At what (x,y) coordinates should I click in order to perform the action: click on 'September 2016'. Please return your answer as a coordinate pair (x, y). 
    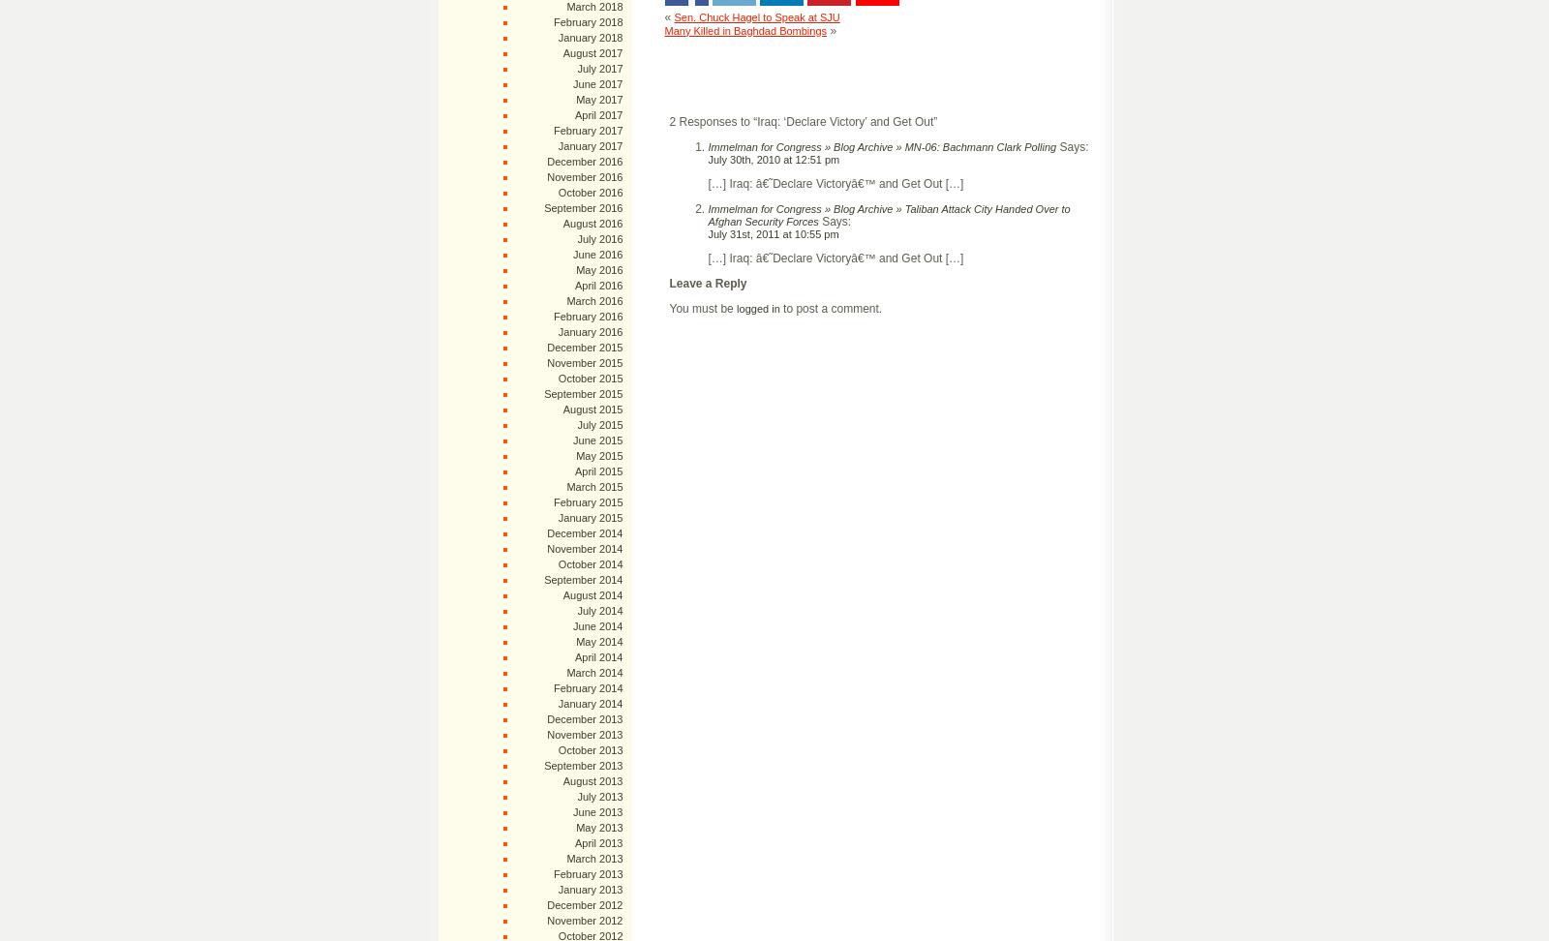
    Looking at the image, I should click on (583, 207).